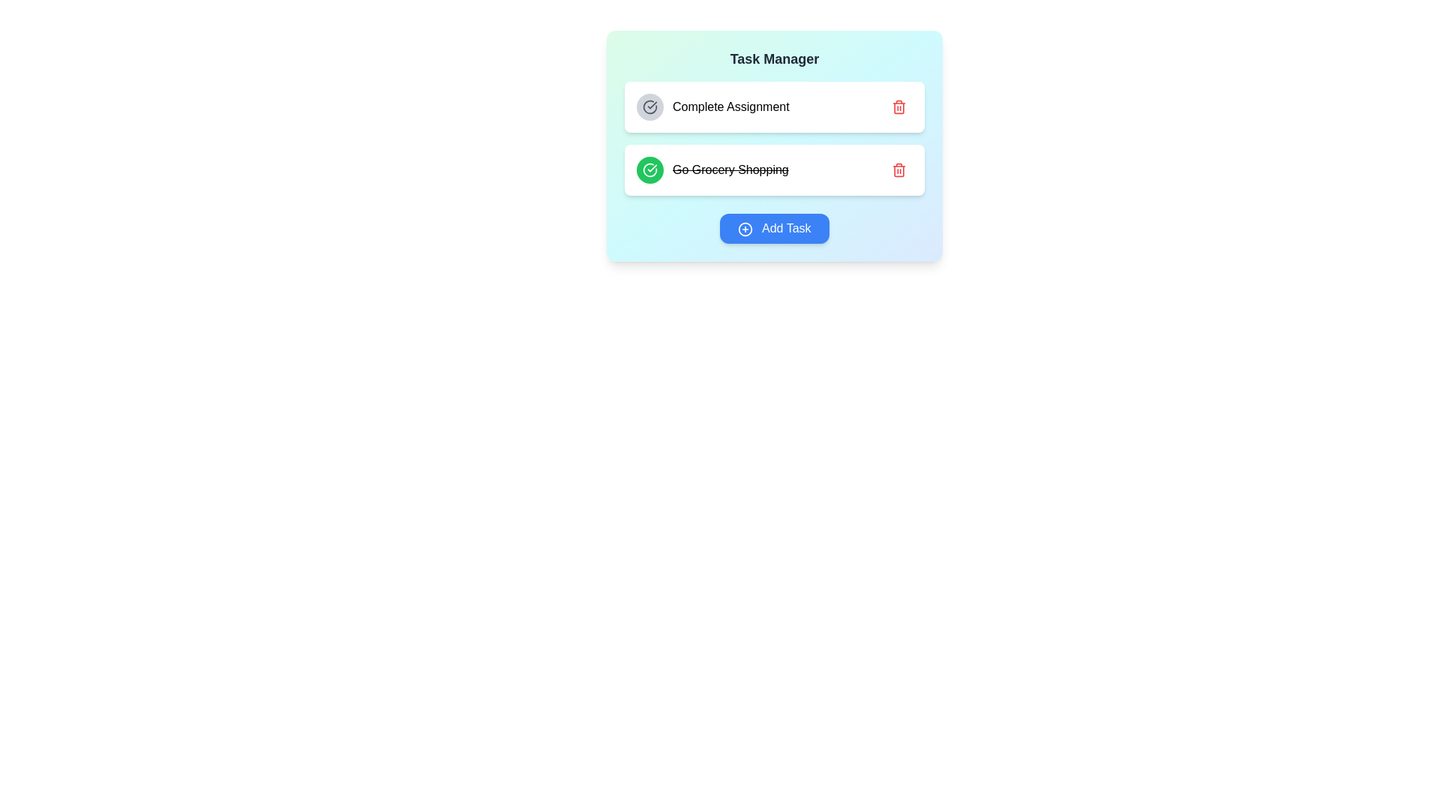  What do you see at coordinates (712, 106) in the screenshot?
I see `the first task item labeled 'Complete Assignment'` at bounding box center [712, 106].